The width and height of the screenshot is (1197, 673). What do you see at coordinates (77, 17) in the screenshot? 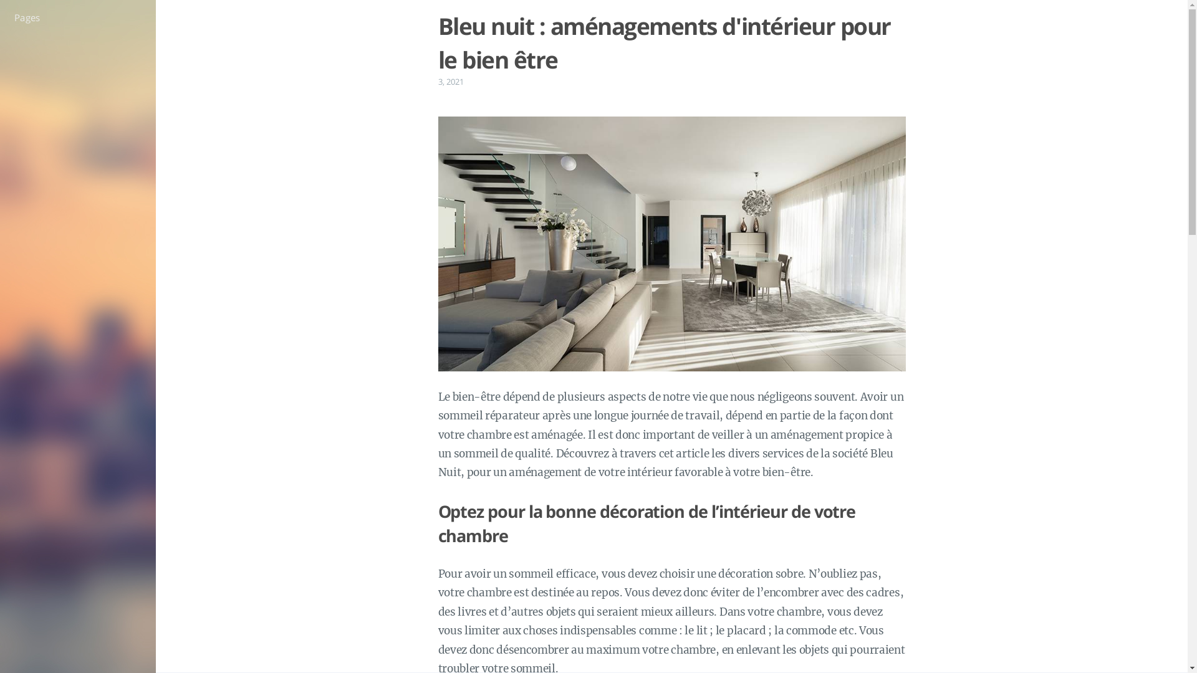
I see `'Pages'` at bounding box center [77, 17].